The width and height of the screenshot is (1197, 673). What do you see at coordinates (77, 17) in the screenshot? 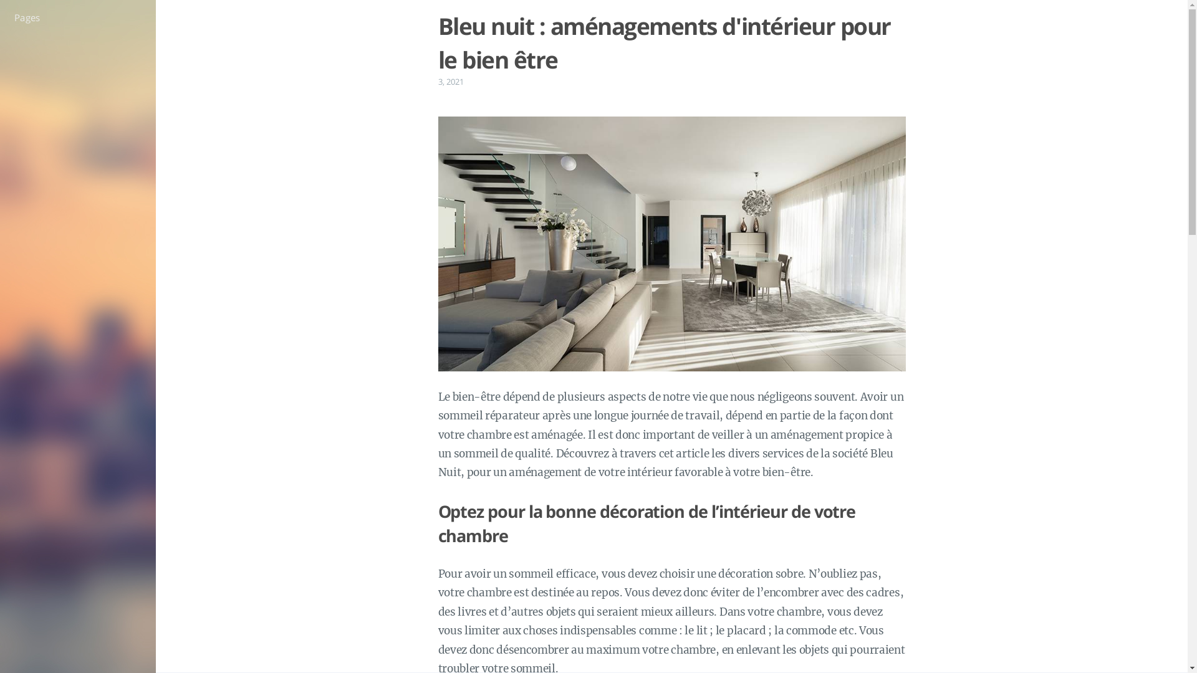
I see `'Pages'` at bounding box center [77, 17].